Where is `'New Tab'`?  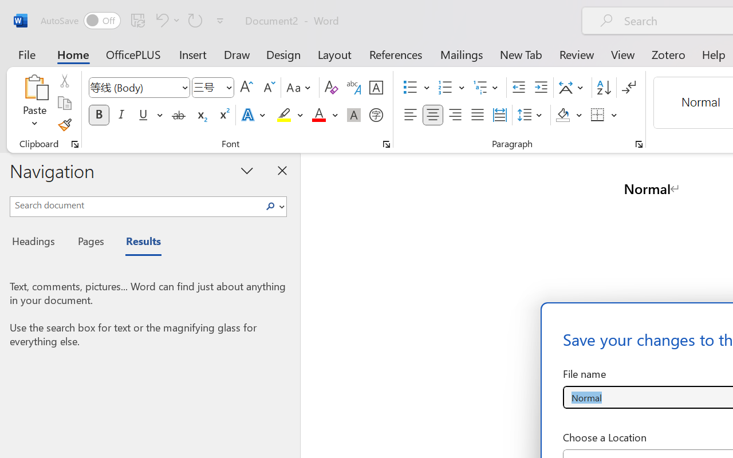
'New Tab' is located at coordinates (521, 54).